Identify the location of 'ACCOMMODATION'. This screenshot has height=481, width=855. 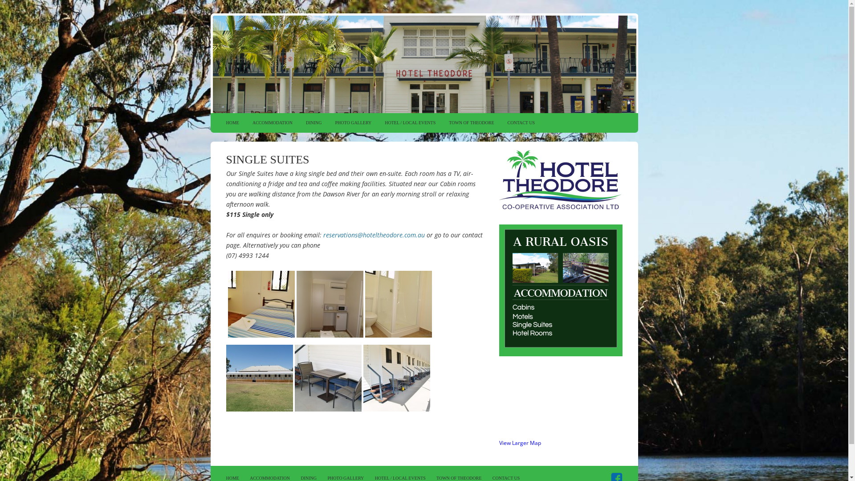
(272, 123).